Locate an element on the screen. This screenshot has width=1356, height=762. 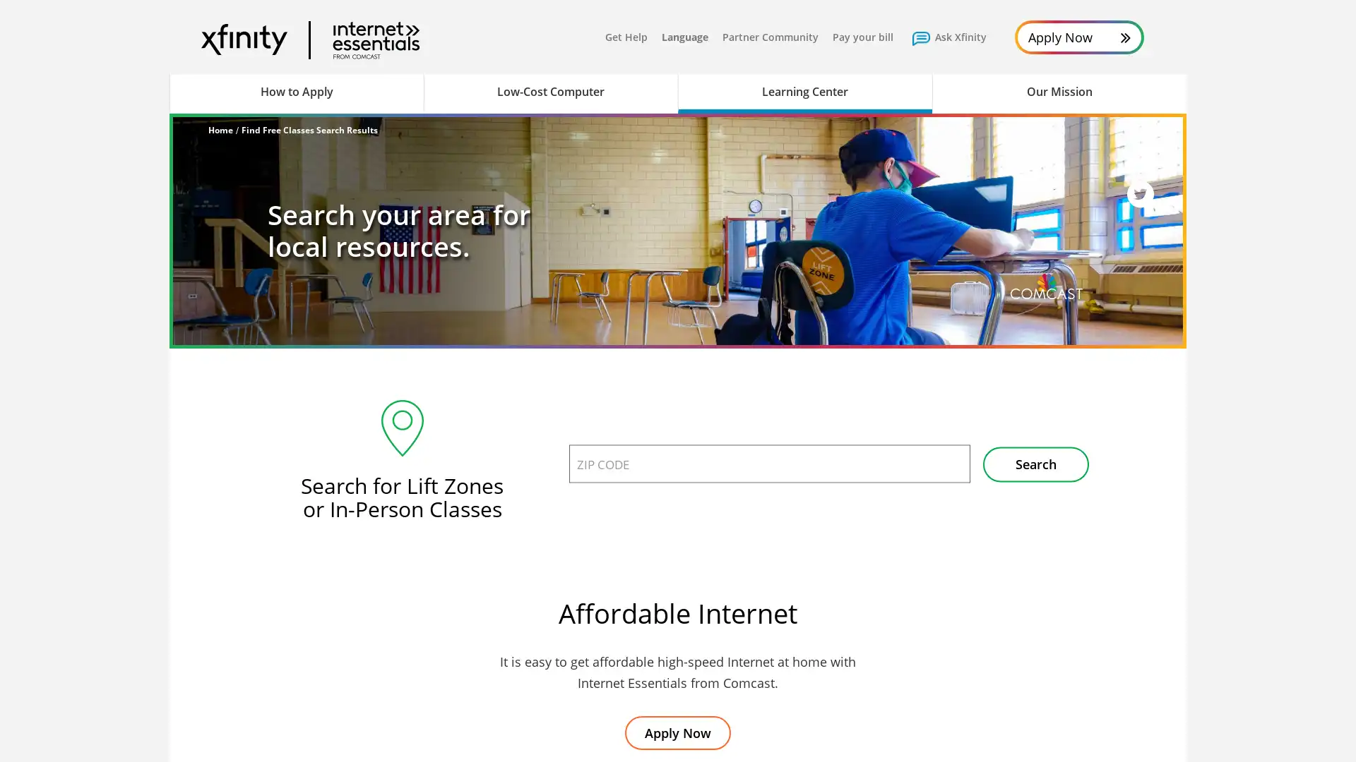
Apply Now is located at coordinates (678, 732).